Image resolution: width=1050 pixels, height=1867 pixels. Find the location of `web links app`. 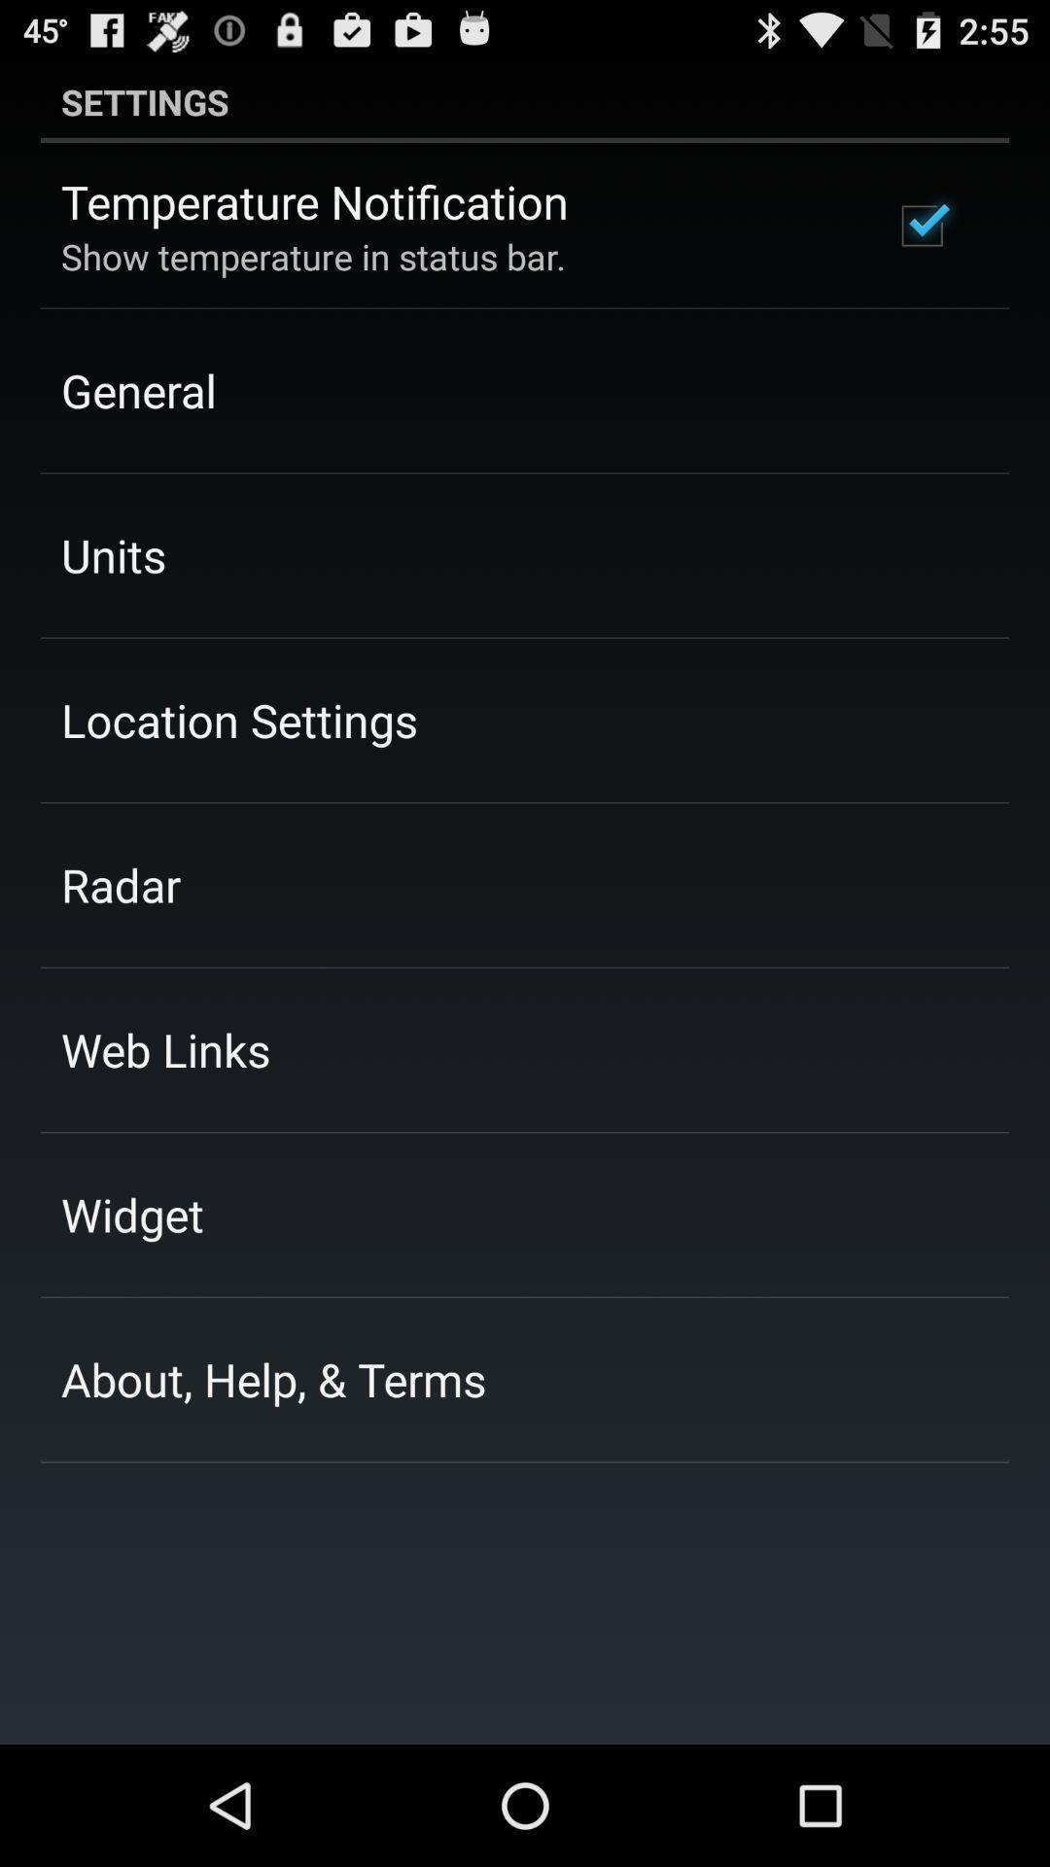

web links app is located at coordinates (164, 1048).